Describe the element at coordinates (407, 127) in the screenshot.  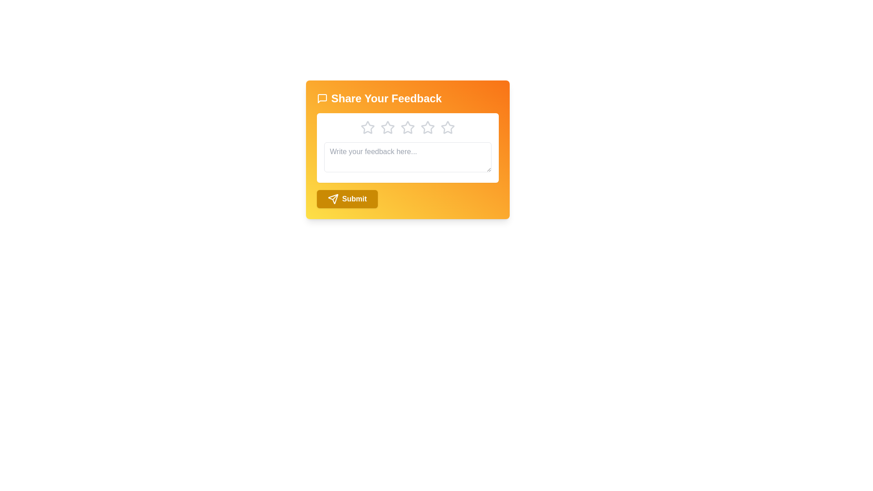
I see `on the second star icon in the interactive rating control` at that location.